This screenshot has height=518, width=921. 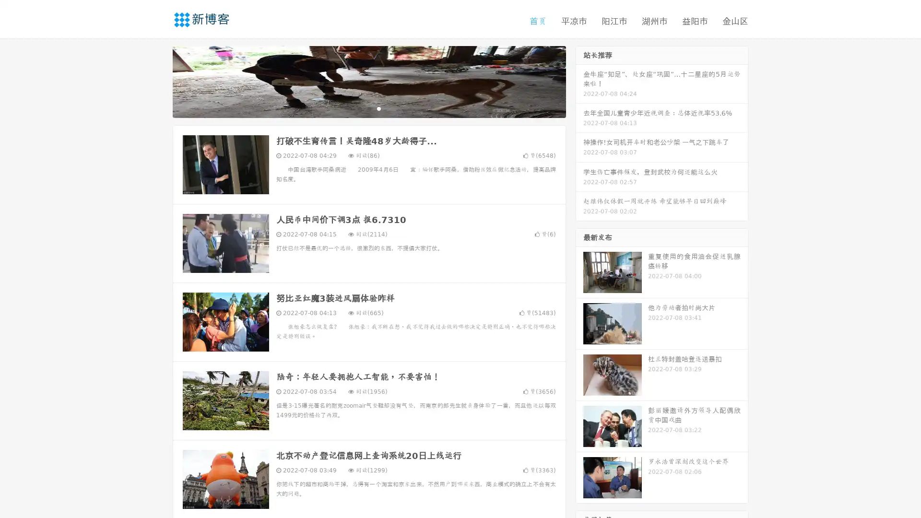 What do you see at coordinates (359, 108) in the screenshot?
I see `Go to slide 1` at bounding box center [359, 108].